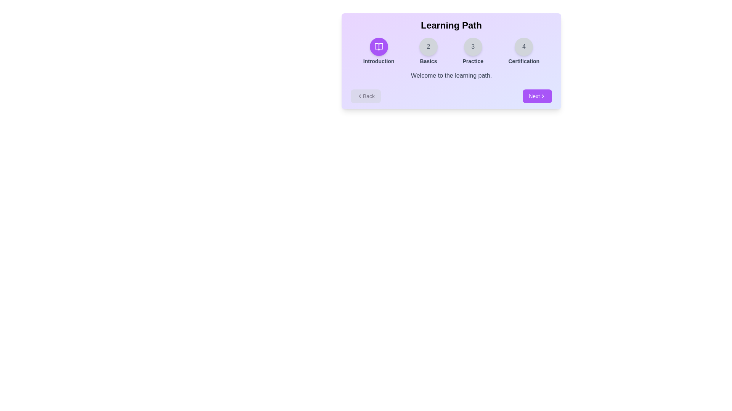  I want to click on the step indicator for Basics, so click(428, 51).